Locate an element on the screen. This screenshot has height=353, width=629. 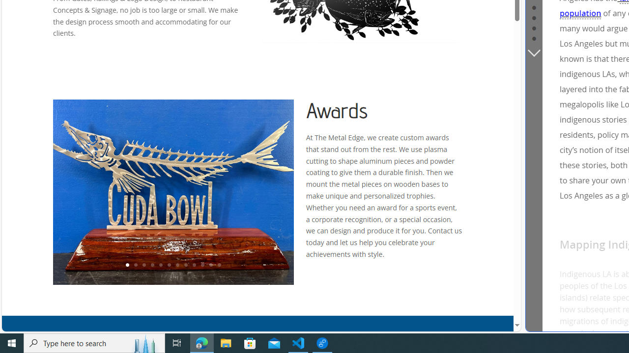
'7' is located at coordinates (177, 265).